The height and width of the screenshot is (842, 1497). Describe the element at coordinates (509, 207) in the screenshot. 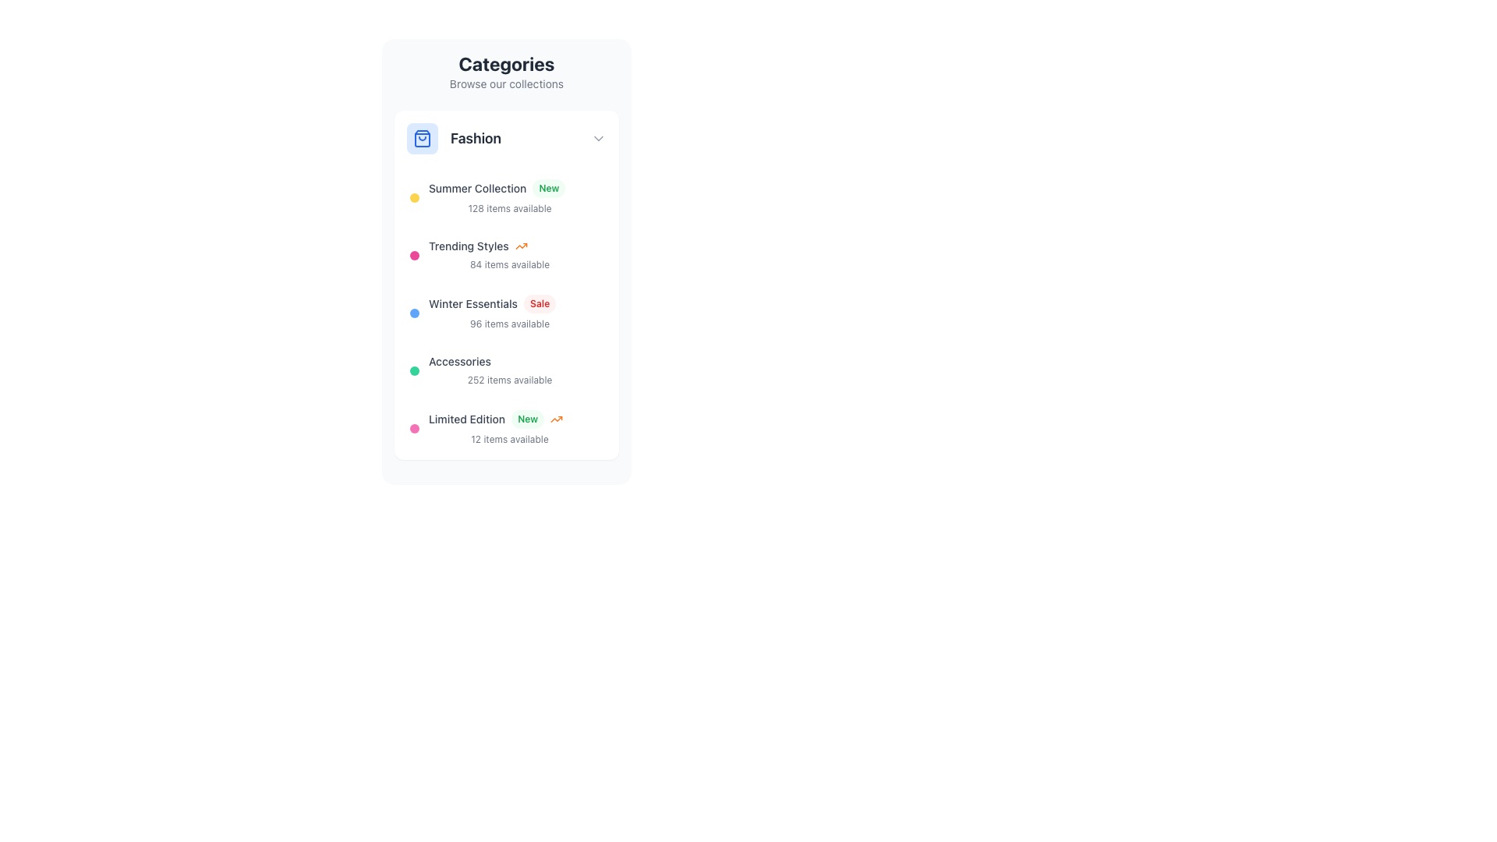

I see `contextual information displayed in the text label beneath 'Summer Collection' in the 'Fashion' section, which indicates the quantity of items available` at that location.